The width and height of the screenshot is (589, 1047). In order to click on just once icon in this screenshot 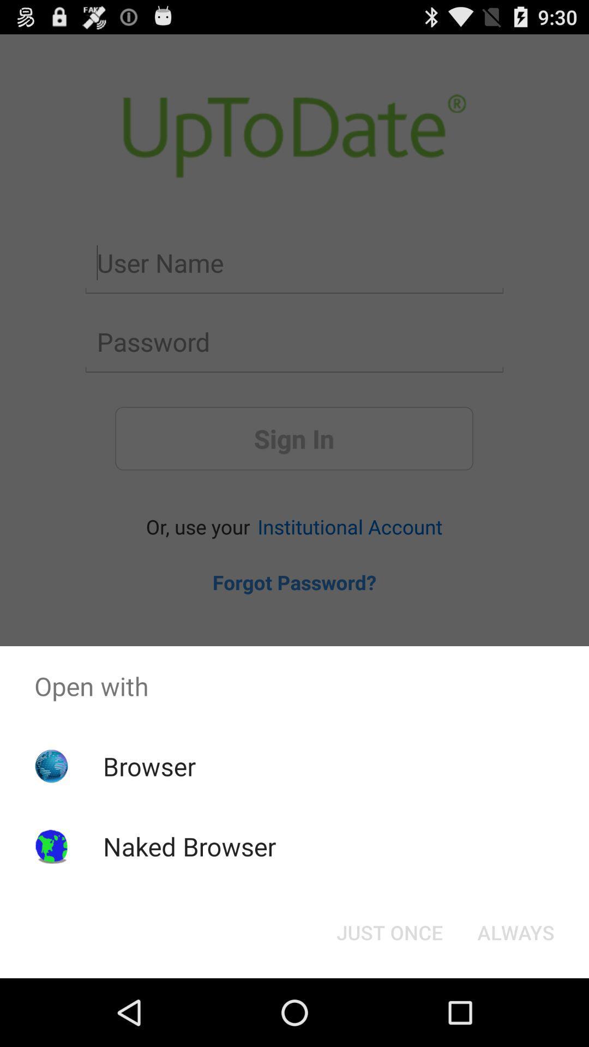, I will do `click(389, 931)`.